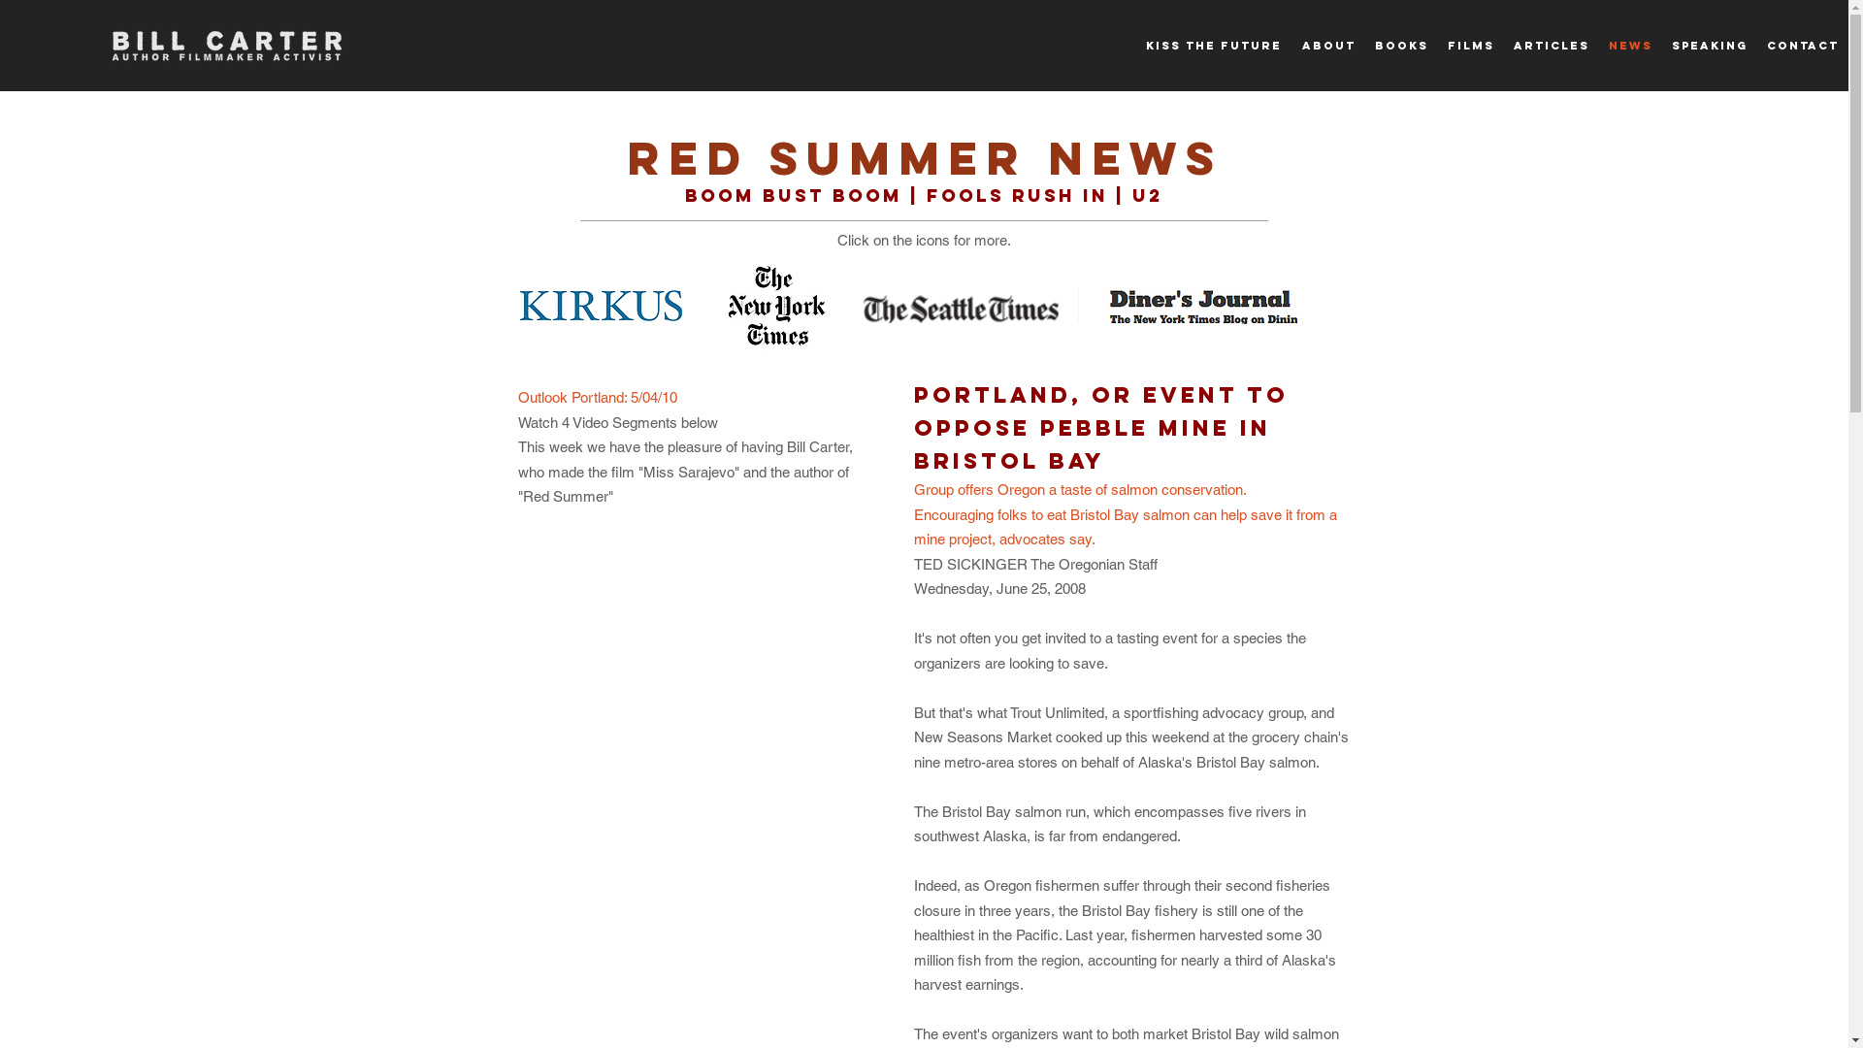  What do you see at coordinates (1028, 195) in the screenshot?
I see `'FOOLS RUSH IN | '` at bounding box center [1028, 195].